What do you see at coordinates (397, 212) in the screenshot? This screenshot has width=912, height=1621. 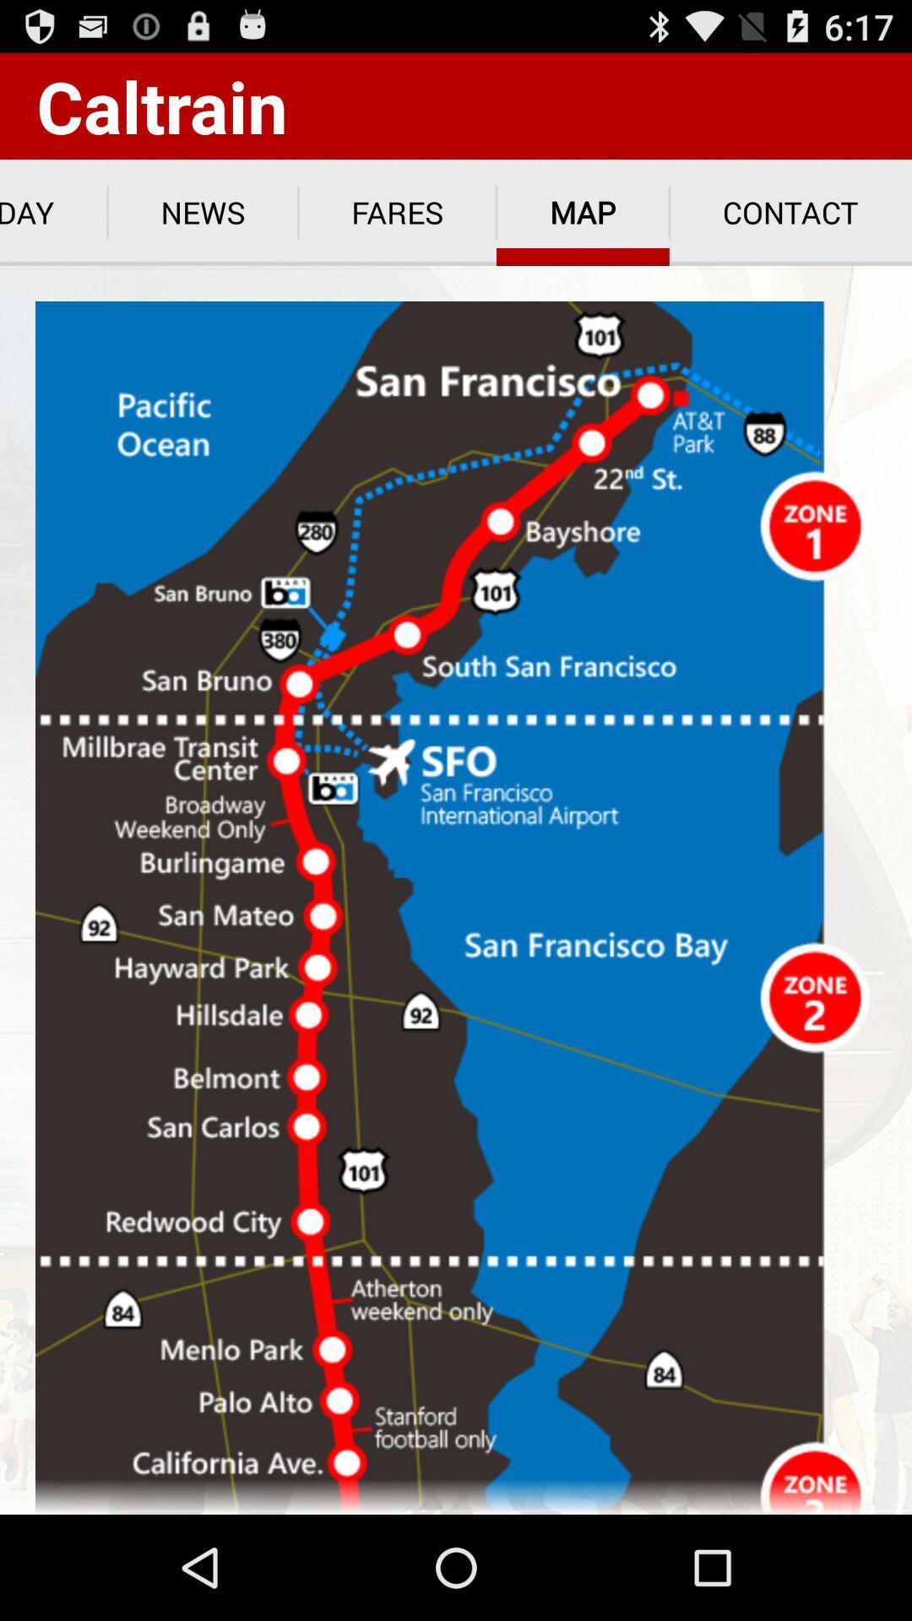 I see `the item next to the news app` at bounding box center [397, 212].